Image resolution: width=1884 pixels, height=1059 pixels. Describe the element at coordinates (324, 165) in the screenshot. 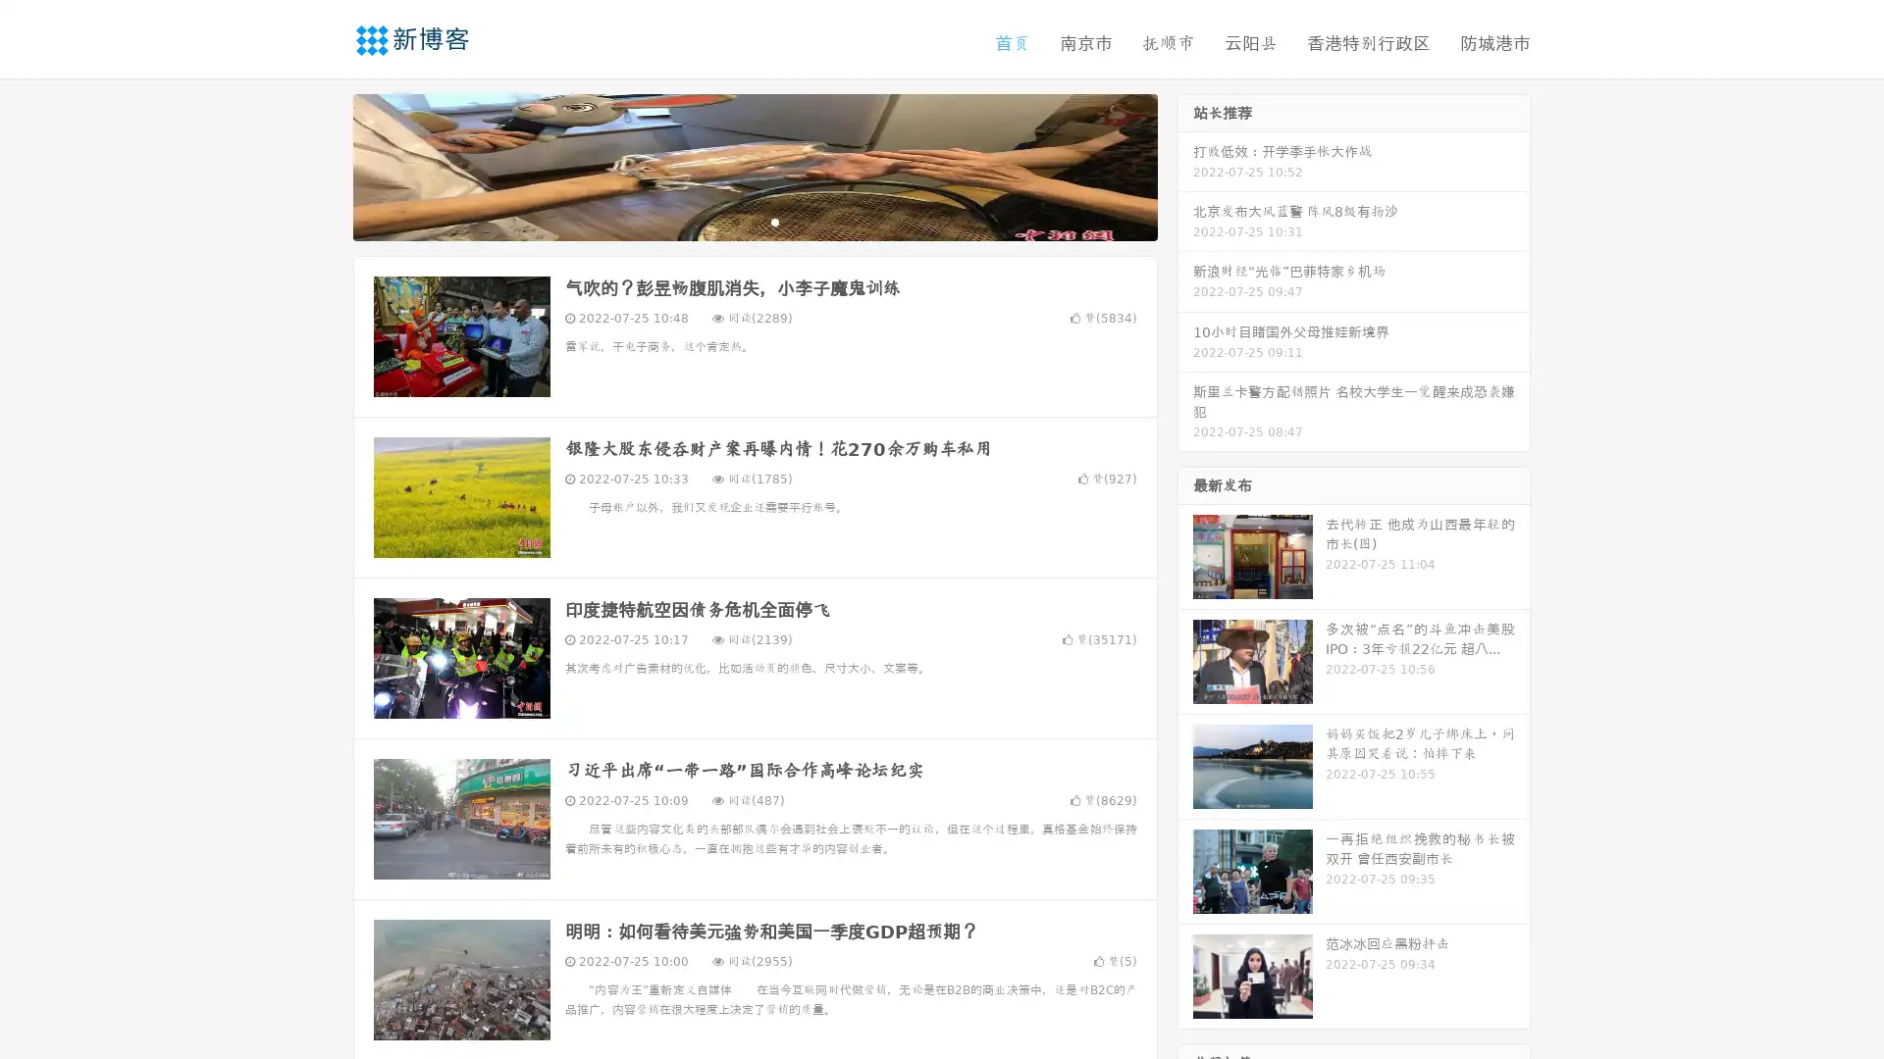

I see `Previous slide` at that location.